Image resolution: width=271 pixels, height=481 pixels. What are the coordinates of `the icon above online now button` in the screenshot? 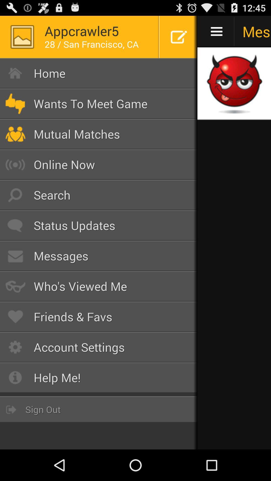 It's located at (99, 134).